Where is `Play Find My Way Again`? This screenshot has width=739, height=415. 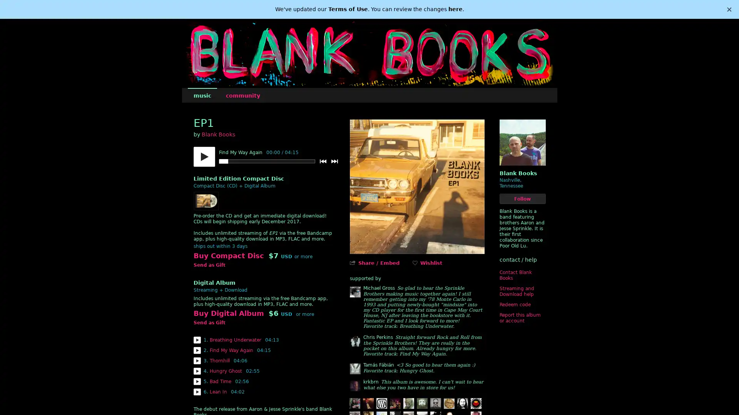
Play Find My Way Again is located at coordinates (197, 350).